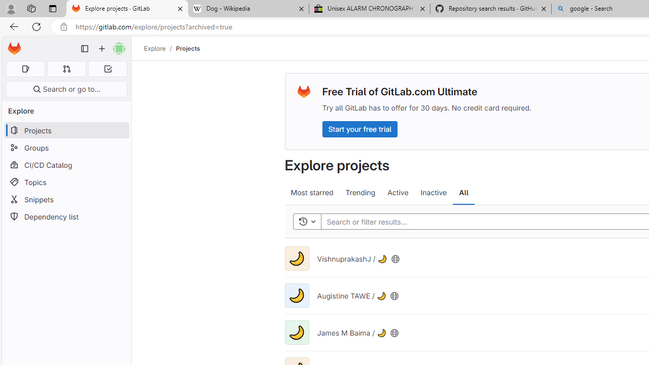  I want to click on 'Trending', so click(360, 193).